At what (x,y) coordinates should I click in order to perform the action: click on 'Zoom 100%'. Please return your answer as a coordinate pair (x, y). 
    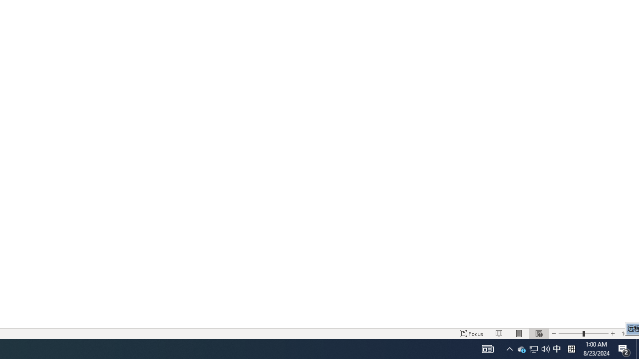
    Looking at the image, I should click on (628, 334).